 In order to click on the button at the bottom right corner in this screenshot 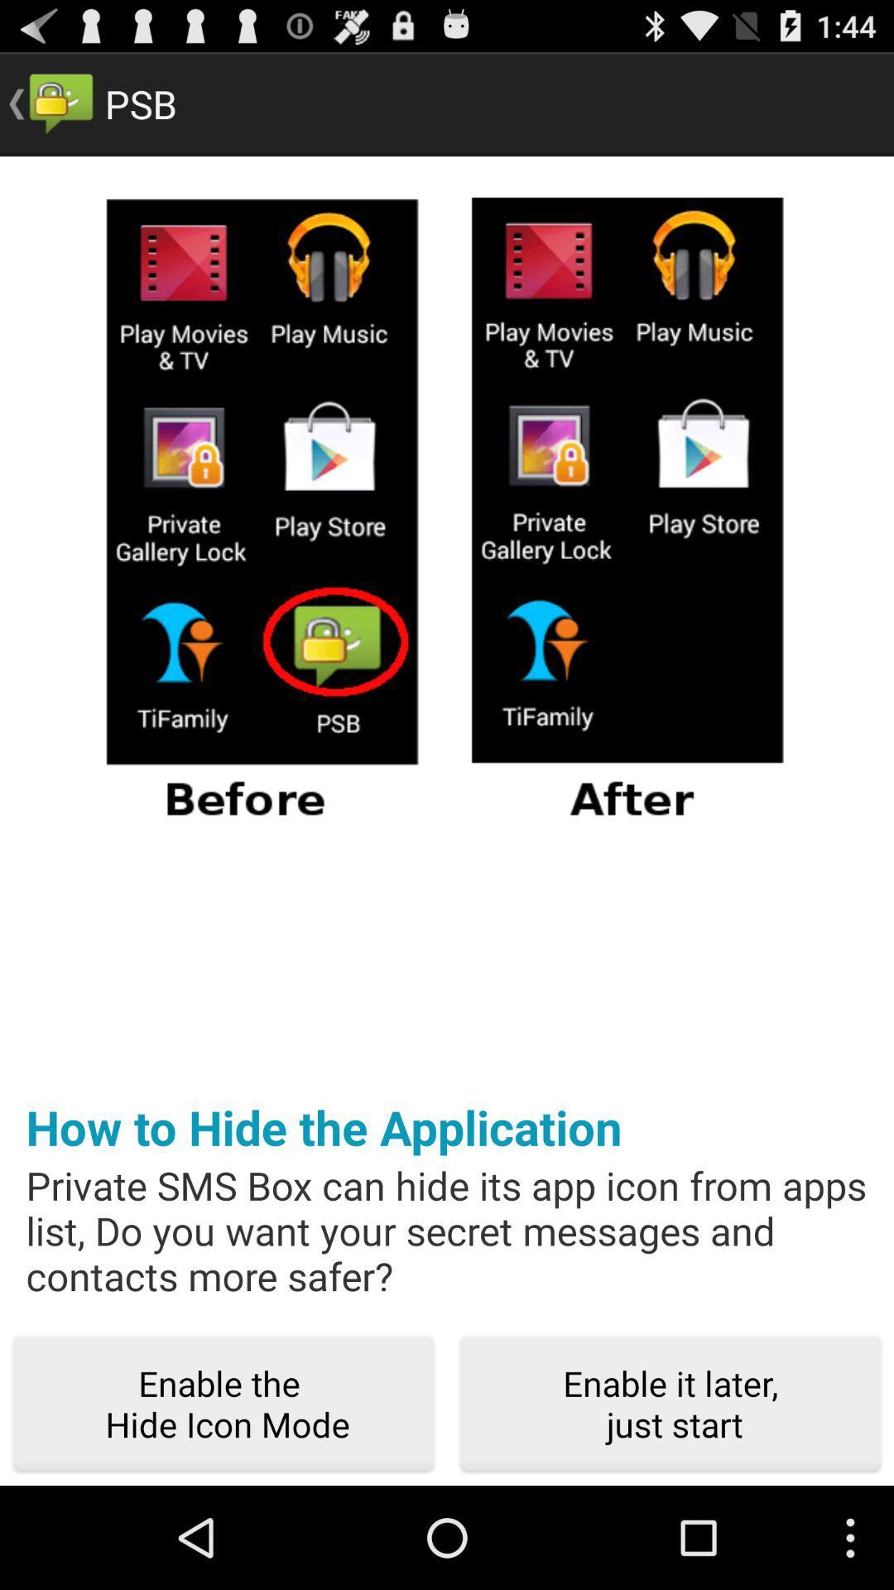, I will do `click(670, 1404)`.